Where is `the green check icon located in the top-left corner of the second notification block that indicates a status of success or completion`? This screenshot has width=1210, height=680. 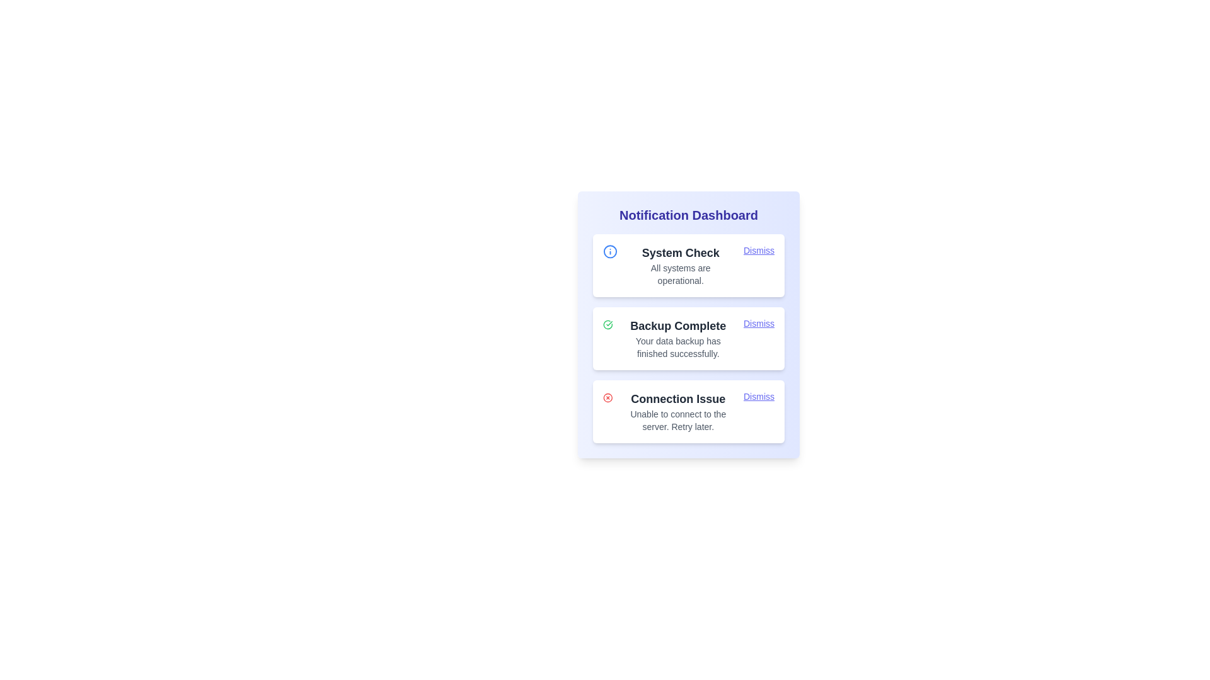
the green check icon located in the top-left corner of the second notification block that indicates a status of success or completion is located at coordinates (608, 324).